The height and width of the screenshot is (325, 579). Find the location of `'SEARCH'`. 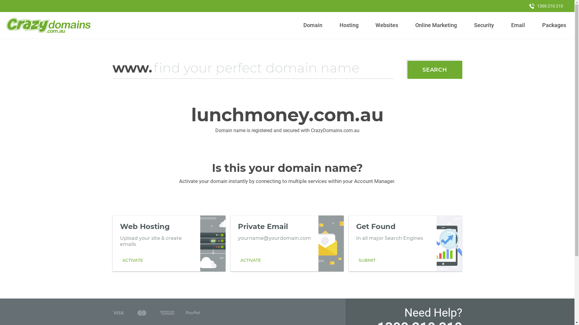

'SEARCH' is located at coordinates (435, 69).